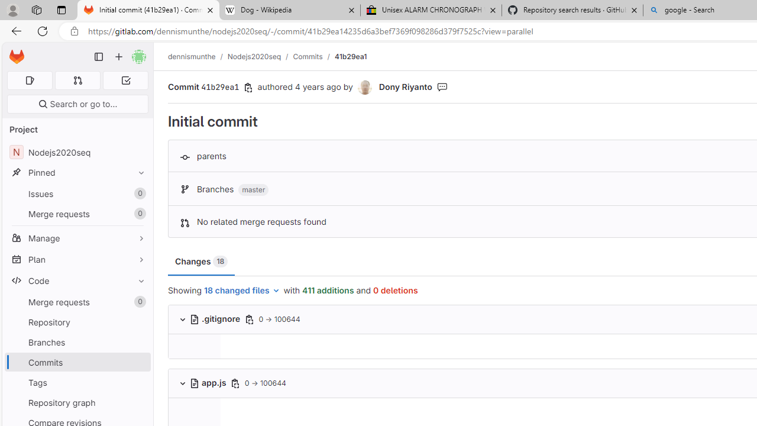 The width and height of the screenshot is (757, 426). Describe the element at coordinates (138, 362) in the screenshot. I see `'Pin Commits'` at that location.